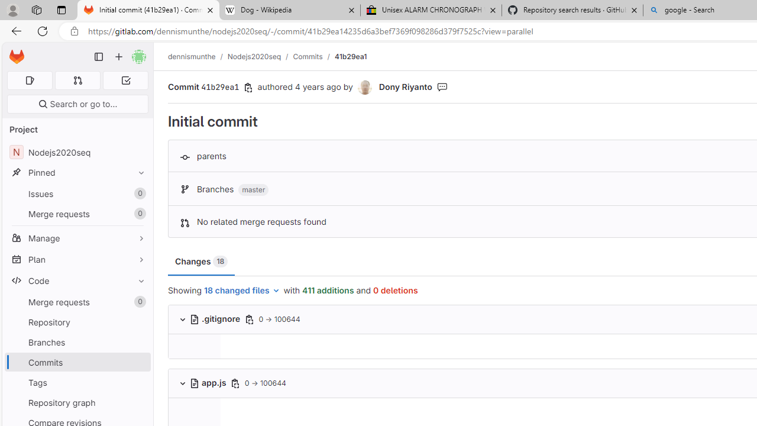 The width and height of the screenshot is (757, 426). Describe the element at coordinates (138, 362) in the screenshot. I see `'Pin Commits'` at that location.